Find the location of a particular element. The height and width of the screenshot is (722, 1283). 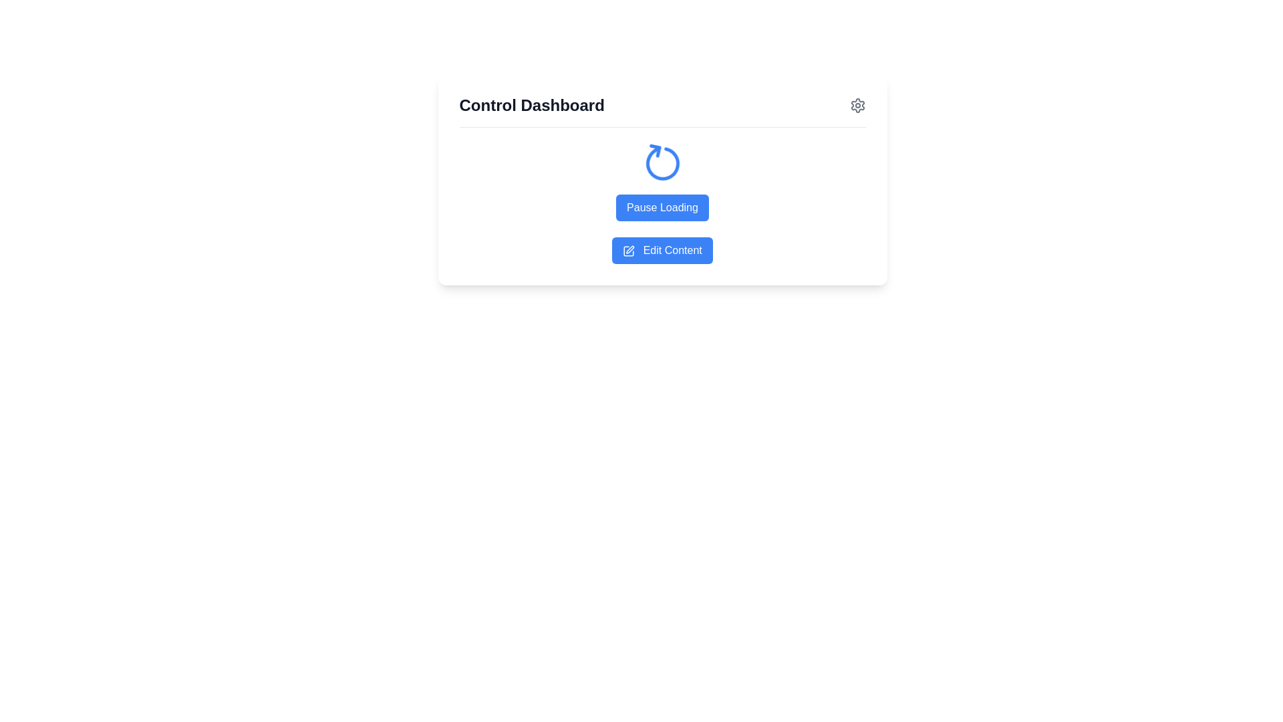

the circular graphic with a blue clockwise arrow, which symbolizes rotation or refresh, located at the top of the vertical stack above the 'Pause Loading' button is located at coordinates (662, 163).